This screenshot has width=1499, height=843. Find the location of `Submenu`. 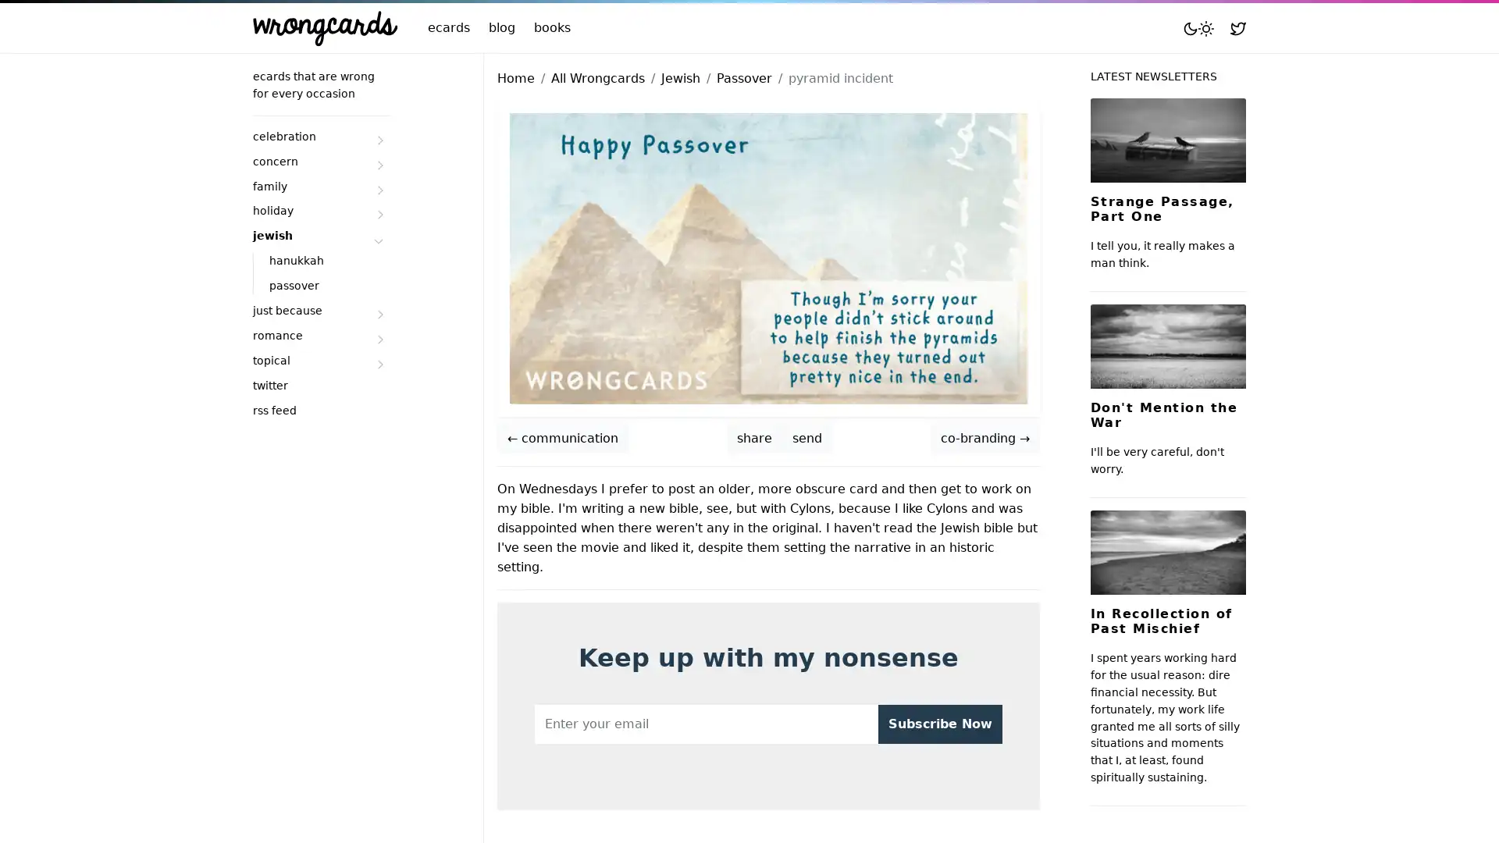

Submenu is located at coordinates (378, 364).